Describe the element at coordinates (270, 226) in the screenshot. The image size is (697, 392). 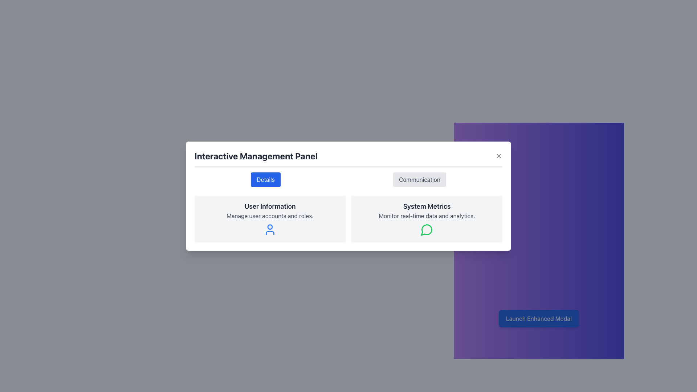
I see `the SVG Circle Element that is part of the user icon located beneath the 'User Information' text in the 'Details' section` at that location.